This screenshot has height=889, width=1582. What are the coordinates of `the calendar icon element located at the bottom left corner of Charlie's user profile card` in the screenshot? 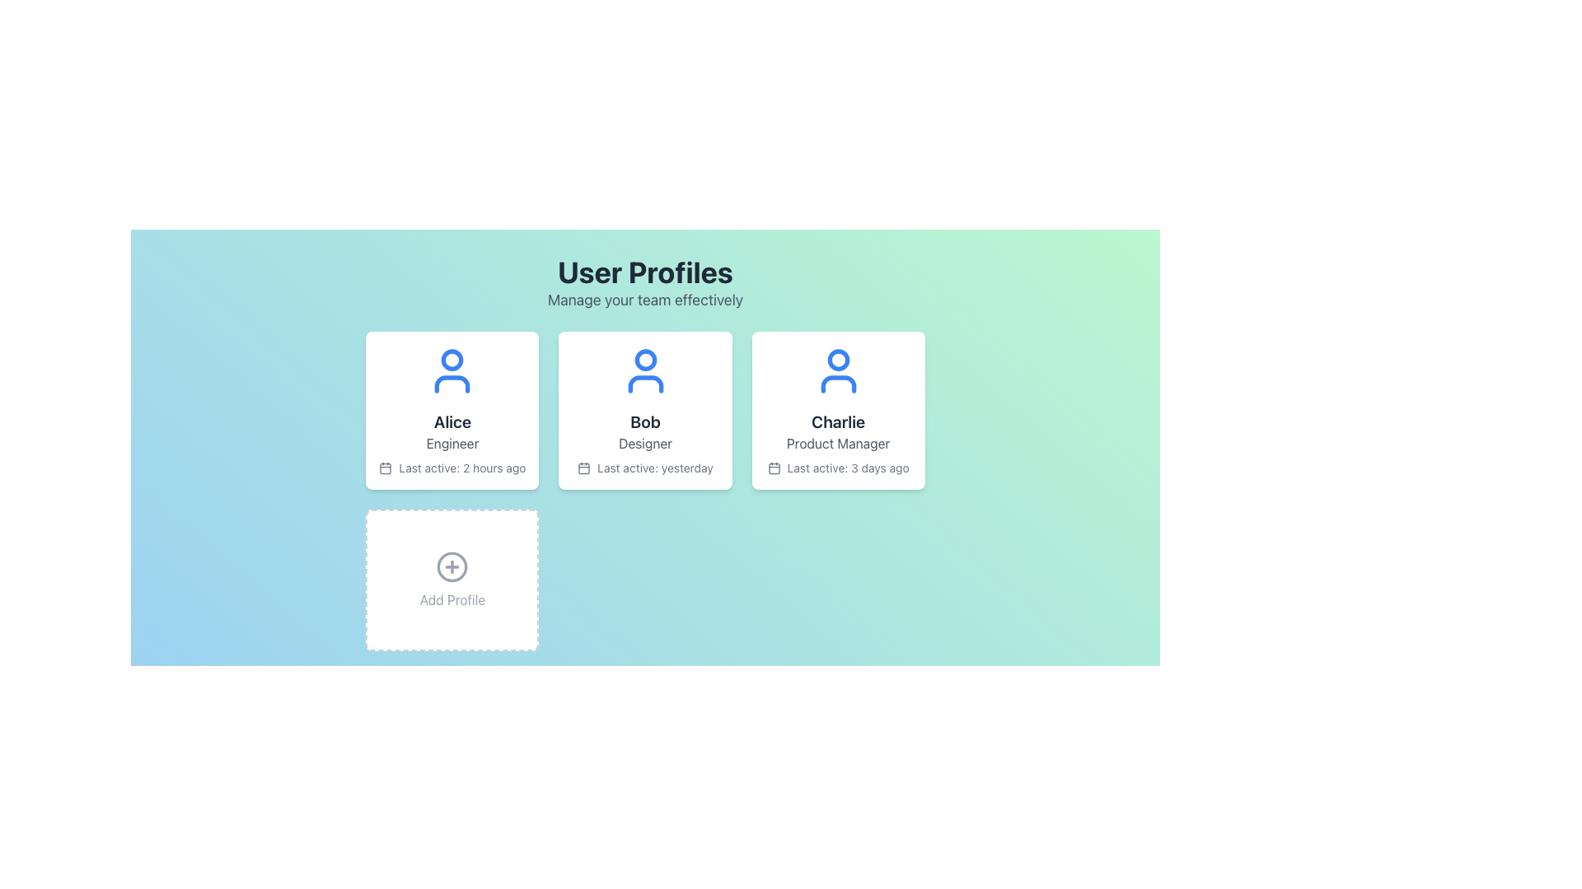 It's located at (773, 468).